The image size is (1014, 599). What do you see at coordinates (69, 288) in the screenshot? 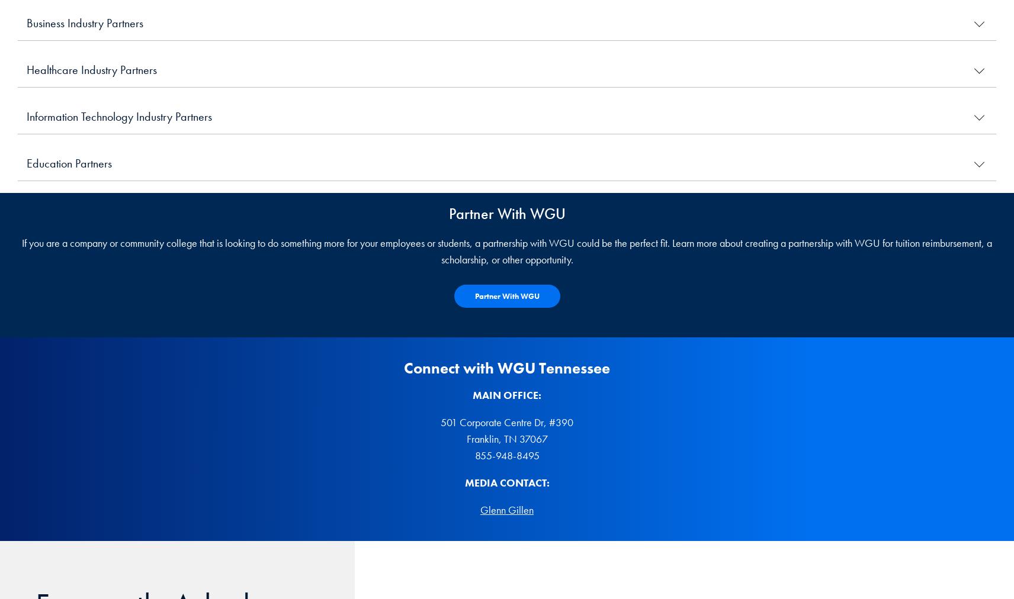
I see `'Navient (Sallie Mae)'` at bounding box center [69, 288].